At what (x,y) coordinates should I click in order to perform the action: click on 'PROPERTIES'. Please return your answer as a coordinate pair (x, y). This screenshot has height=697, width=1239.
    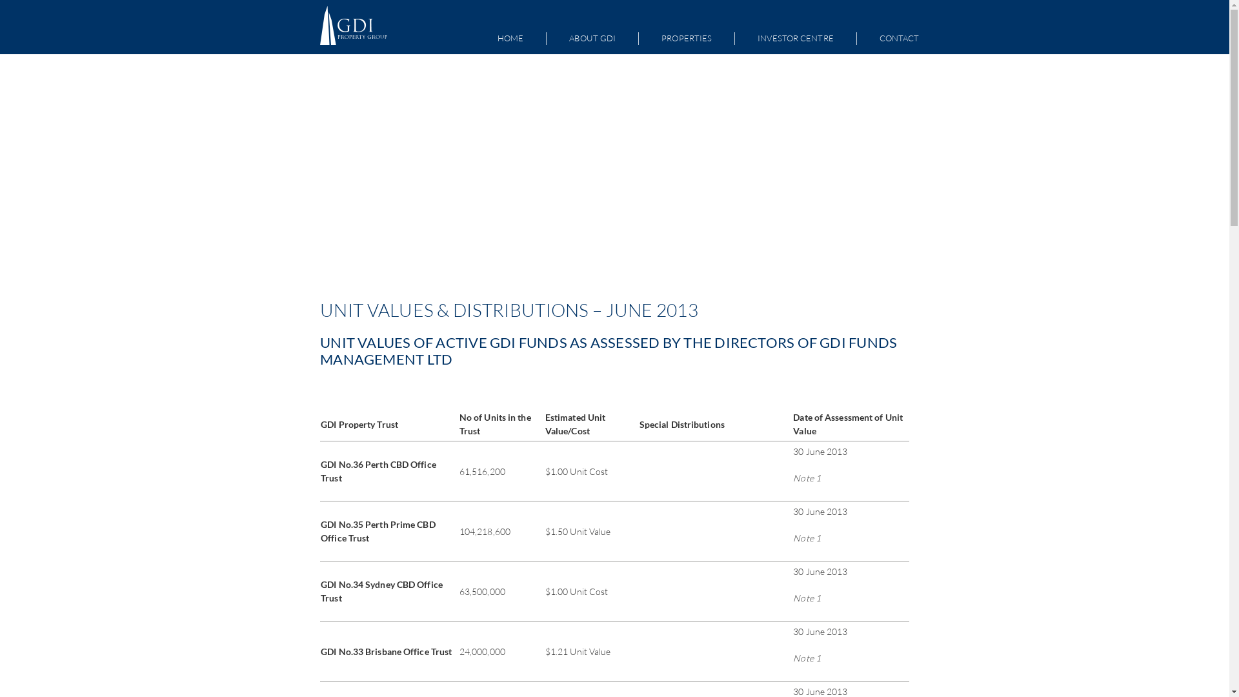
    Looking at the image, I should click on (686, 38).